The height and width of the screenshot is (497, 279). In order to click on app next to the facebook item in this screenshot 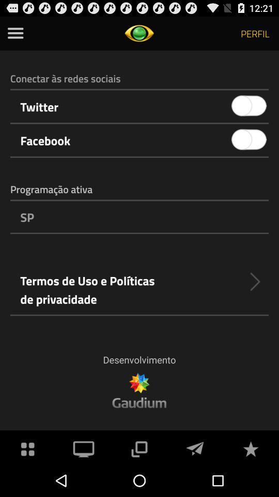, I will do `click(249, 139)`.